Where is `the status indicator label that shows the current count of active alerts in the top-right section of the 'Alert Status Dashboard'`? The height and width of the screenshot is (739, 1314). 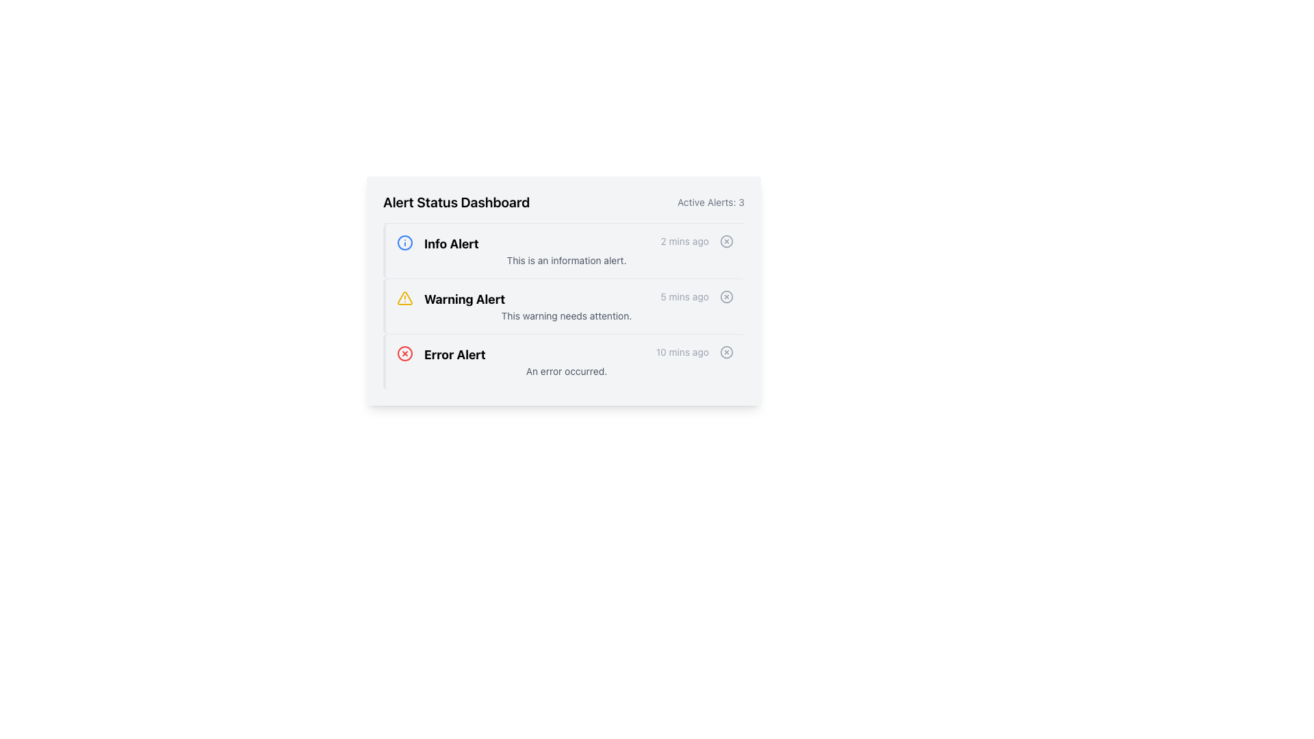
the status indicator label that shows the current count of active alerts in the top-right section of the 'Alert Status Dashboard' is located at coordinates (710, 203).